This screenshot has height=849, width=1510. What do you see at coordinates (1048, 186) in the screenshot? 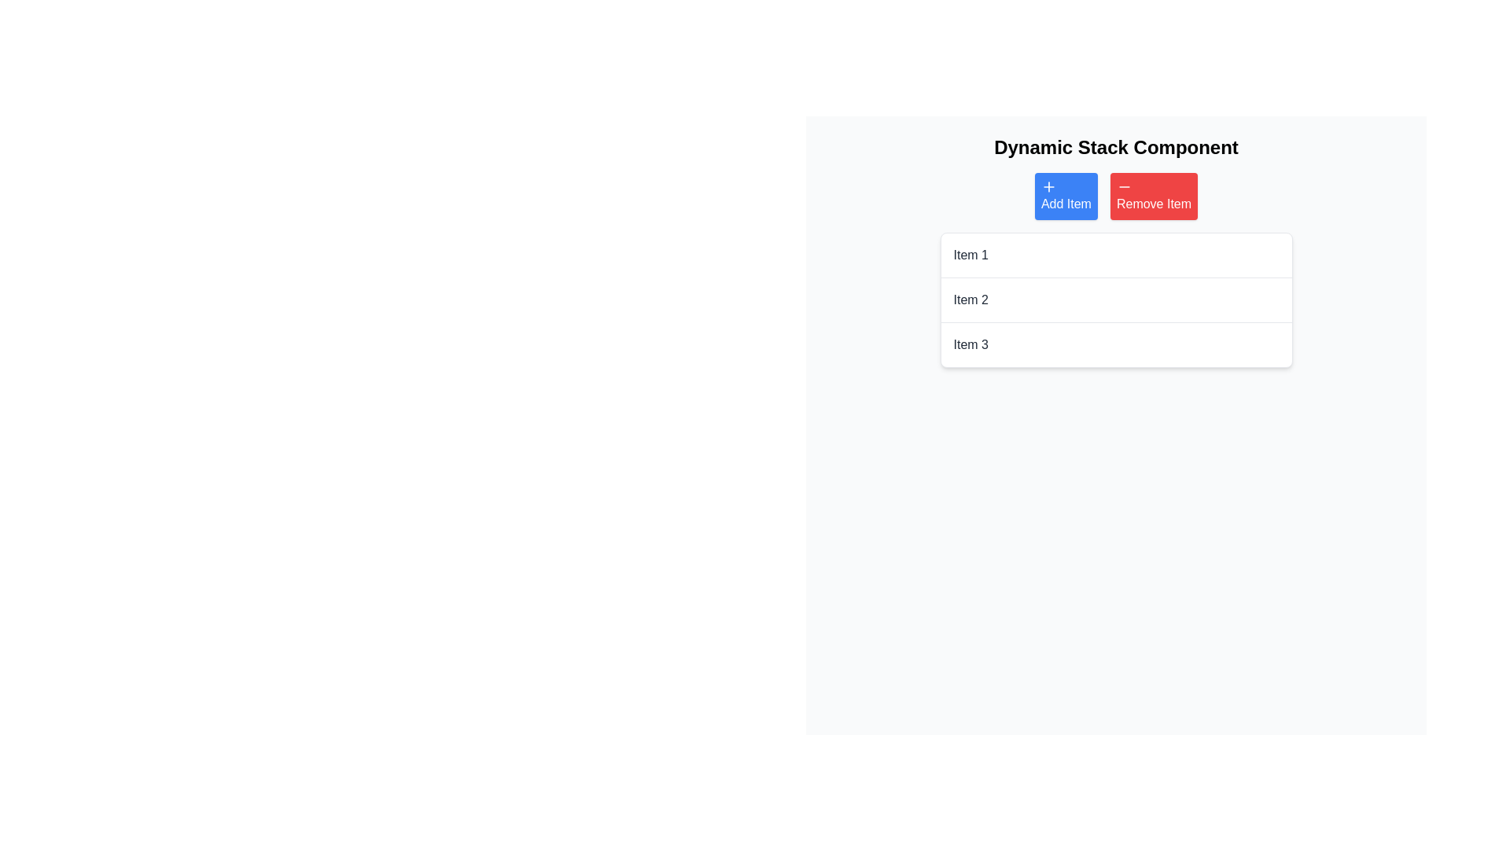
I see `the 'Add Item' button which contains the icon for adding a new item to the stack, located to the left of the red 'Remove Item' button and below the title 'Dynamic Stack Component'` at bounding box center [1048, 186].